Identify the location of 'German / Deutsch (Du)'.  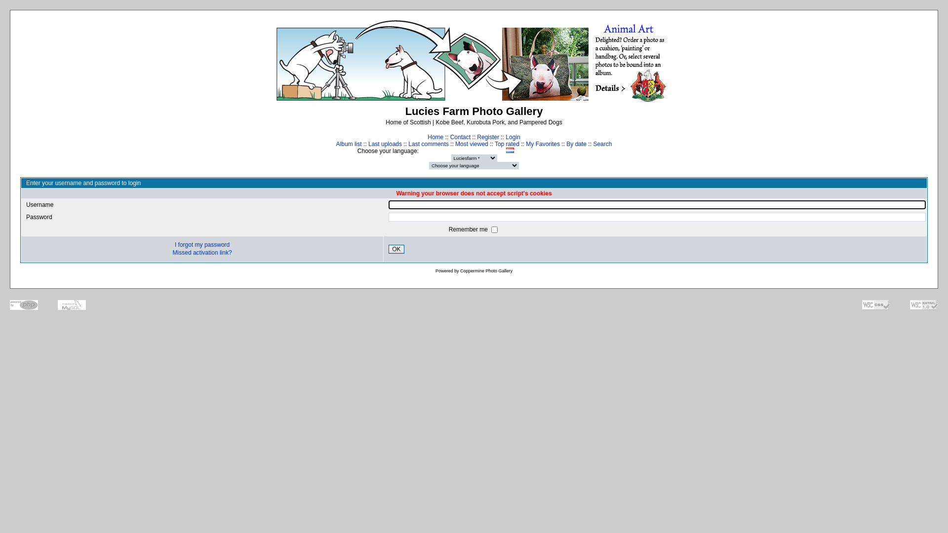
(487, 150).